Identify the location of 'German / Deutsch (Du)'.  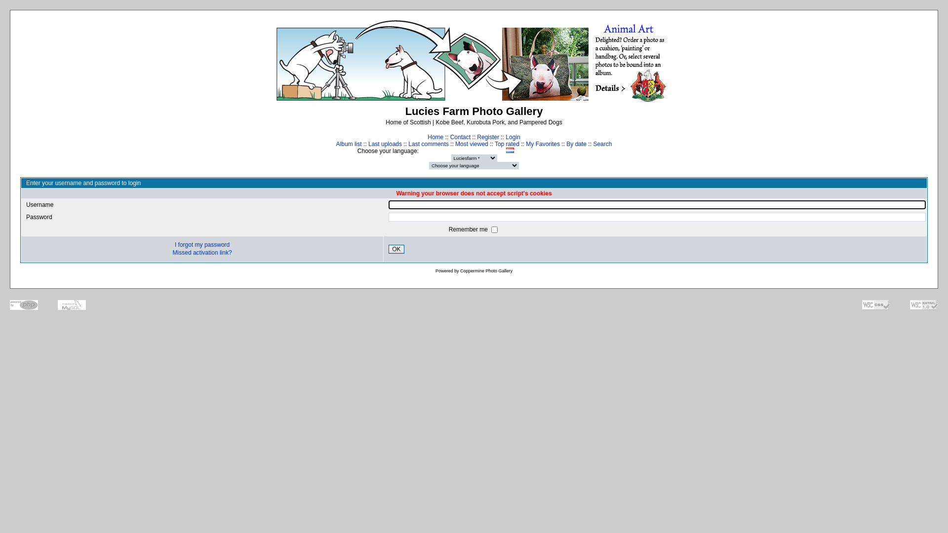
(487, 150).